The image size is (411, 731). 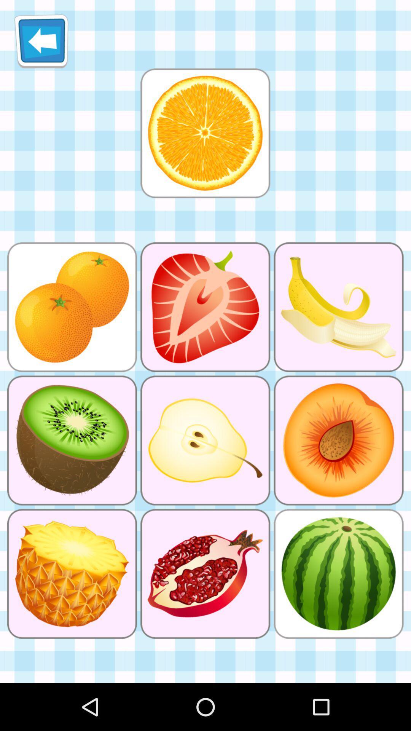 What do you see at coordinates (41, 41) in the screenshot?
I see `the item at the top left corner` at bounding box center [41, 41].